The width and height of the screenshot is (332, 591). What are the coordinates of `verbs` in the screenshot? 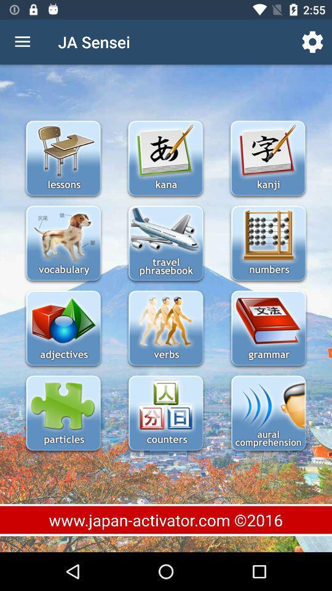 It's located at (165, 329).